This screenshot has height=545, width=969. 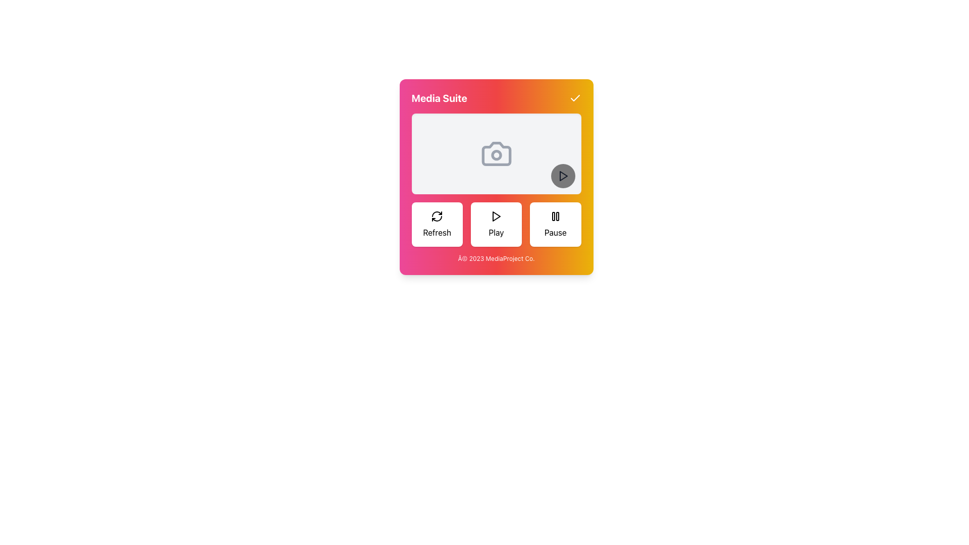 I want to click on the rectangular 'Play' button with a white background and black text and icon to initiate playback, so click(x=496, y=224).